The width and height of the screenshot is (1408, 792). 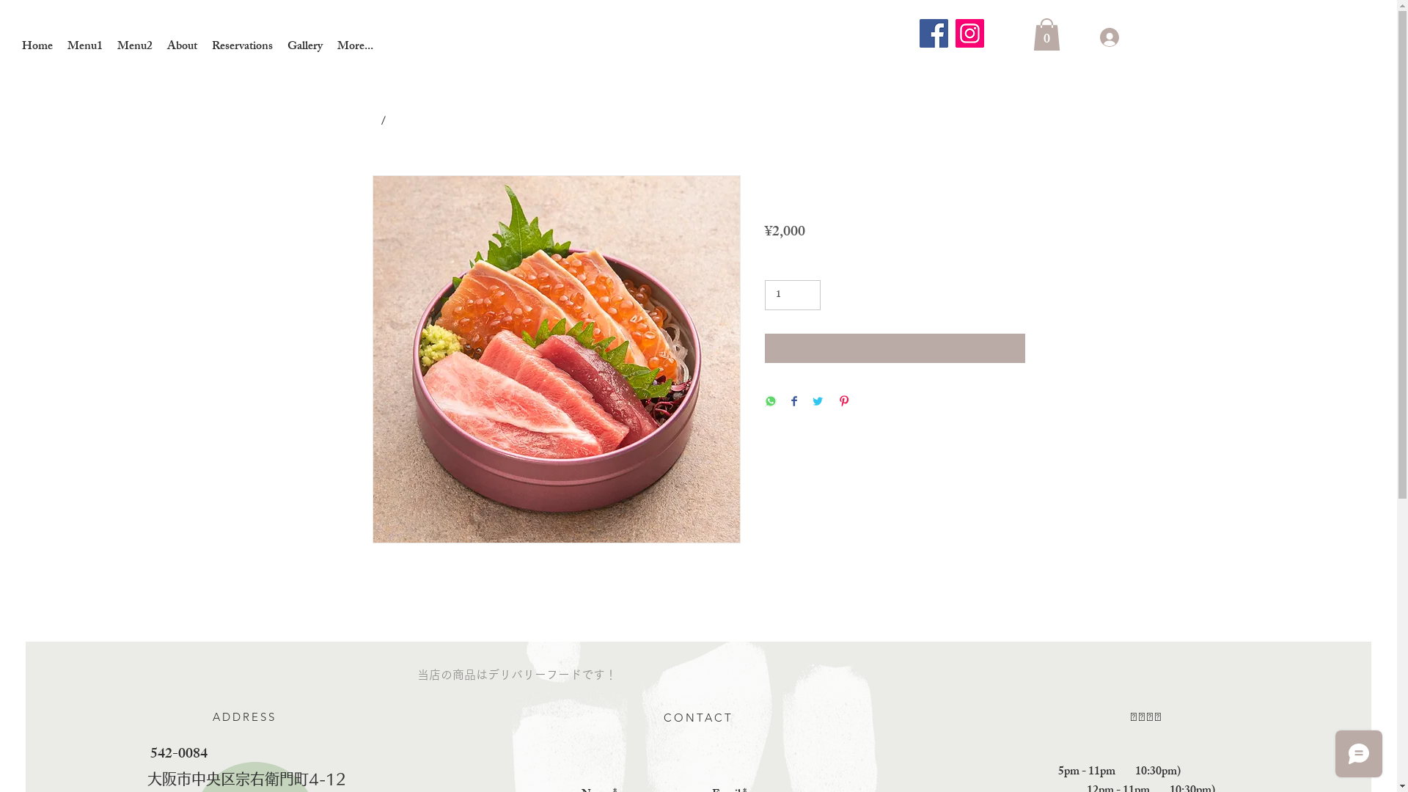 What do you see at coordinates (1045, 33) in the screenshot?
I see `'0'` at bounding box center [1045, 33].